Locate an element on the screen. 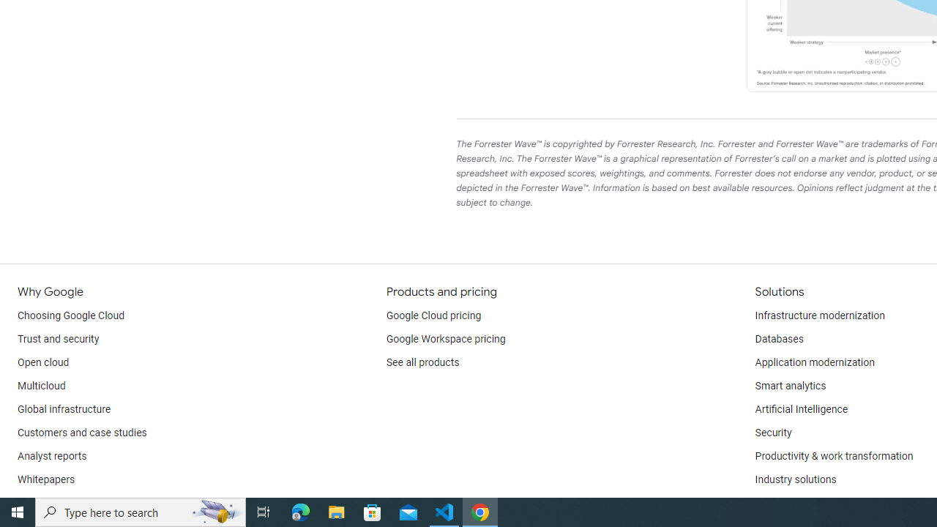 Image resolution: width=937 pixels, height=527 pixels. 'Artificial Intelligence' is located at coordinates (800, 410).